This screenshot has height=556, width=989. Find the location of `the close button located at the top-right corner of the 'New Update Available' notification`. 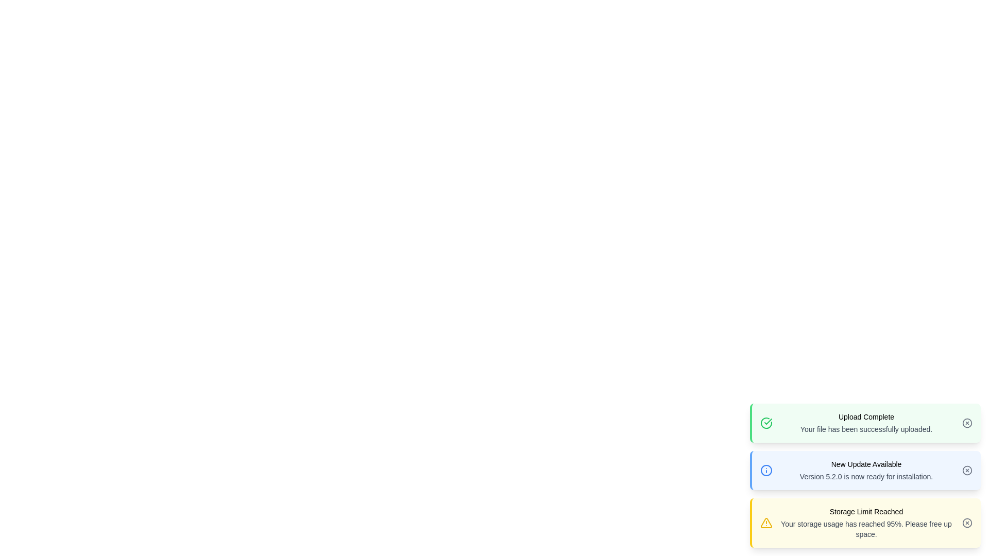

the close button located at the top-right corner of the 'New Update Available' notification is located at coordinates (966, 471).